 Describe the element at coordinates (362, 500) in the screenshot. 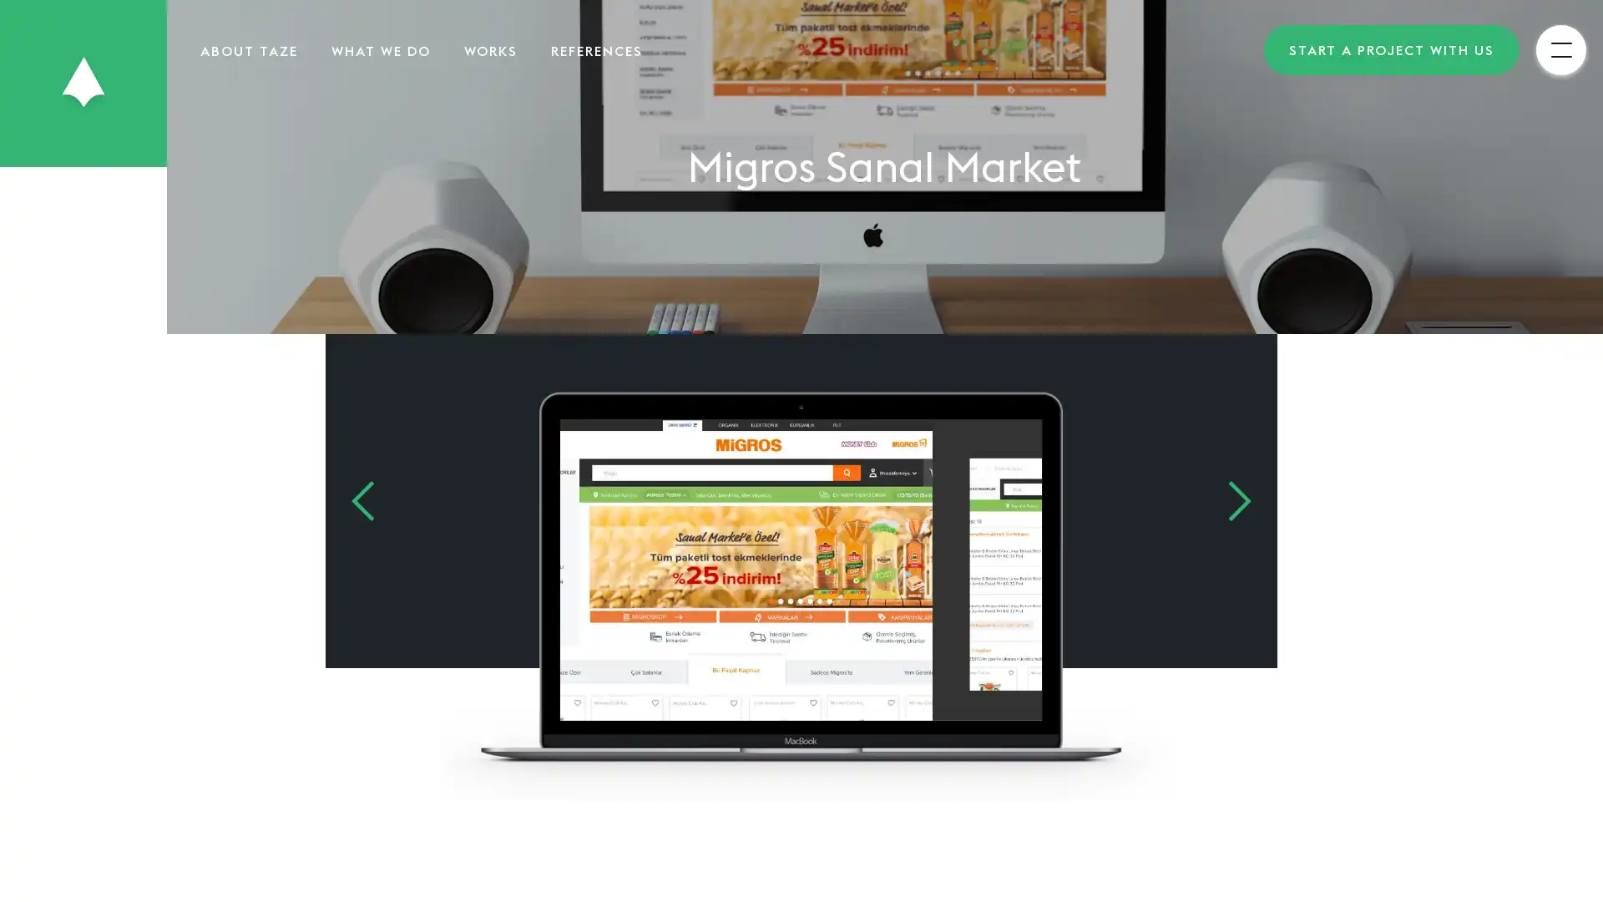

I see `Previous` at that location.